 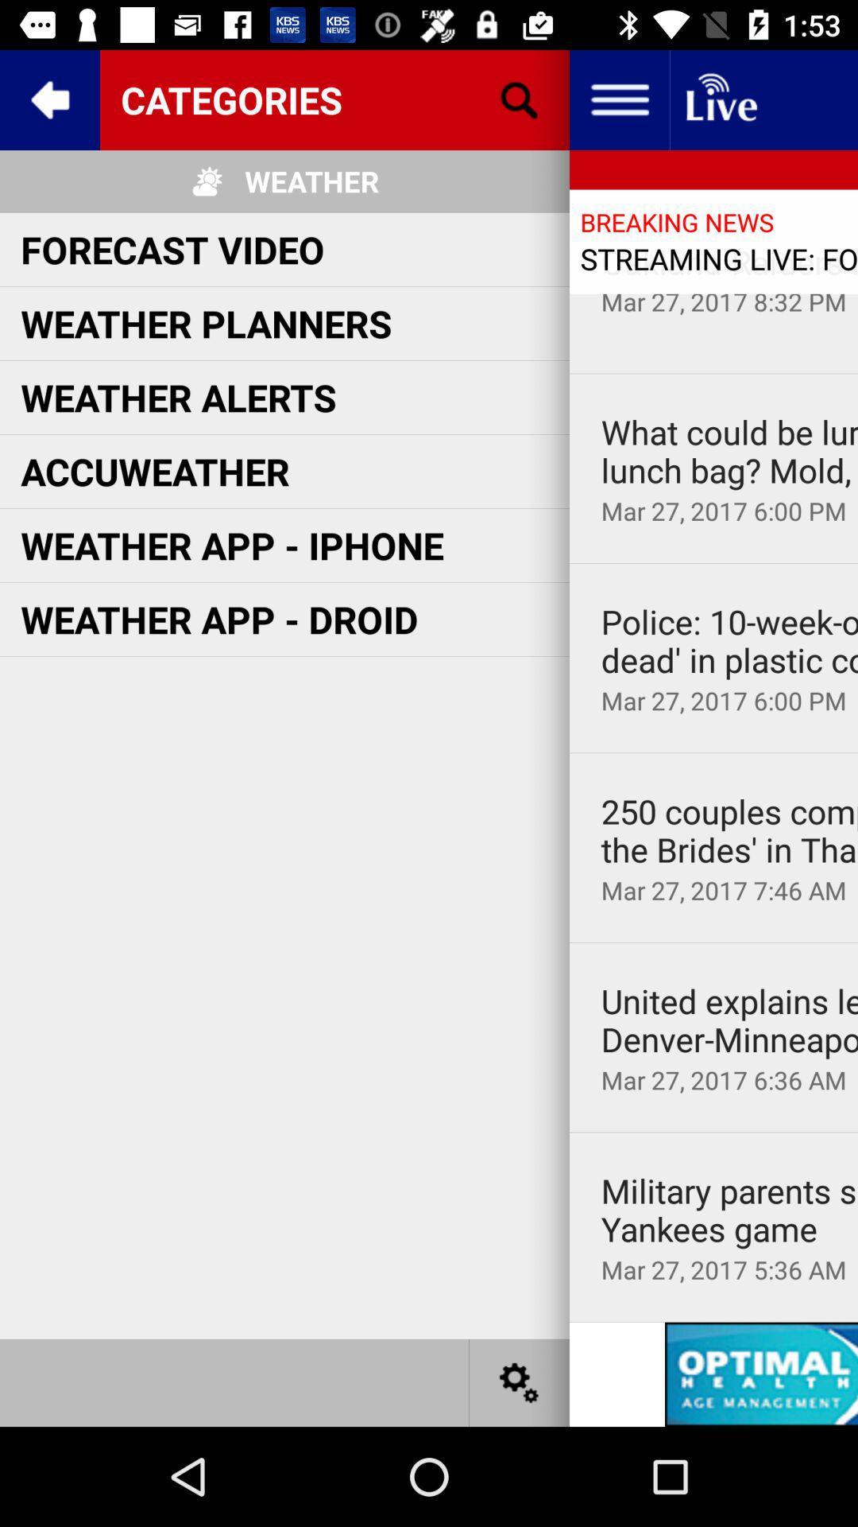 I want to click on the icon below mar 27 2017 app, so click(x=713, y=752).